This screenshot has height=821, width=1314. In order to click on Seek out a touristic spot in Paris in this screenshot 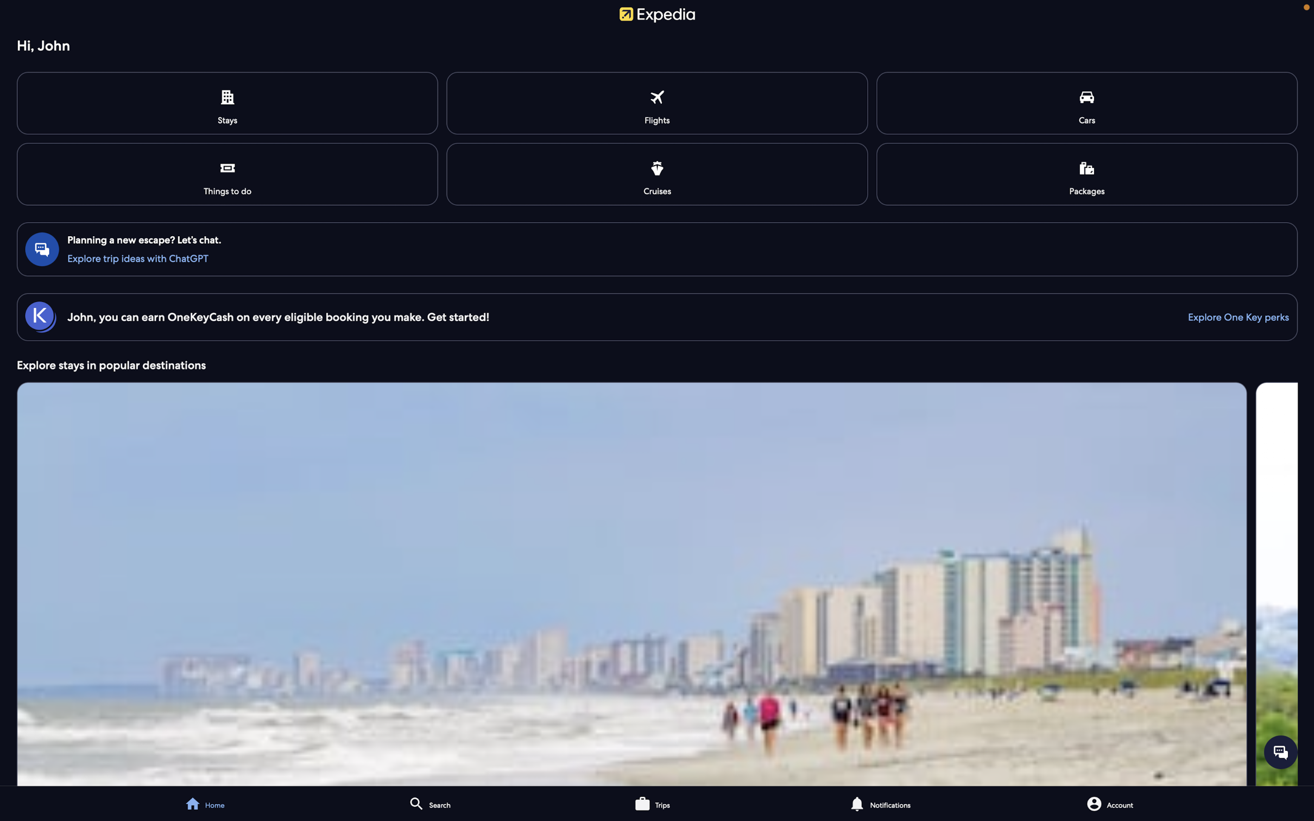, I will do `click(478, 803)`.